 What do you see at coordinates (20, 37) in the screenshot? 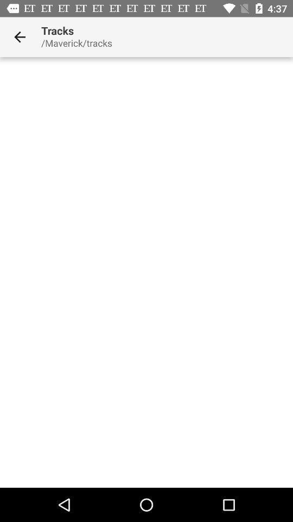
I see `the icon to the left of the tracks icon` at bounding box center [20, 37].